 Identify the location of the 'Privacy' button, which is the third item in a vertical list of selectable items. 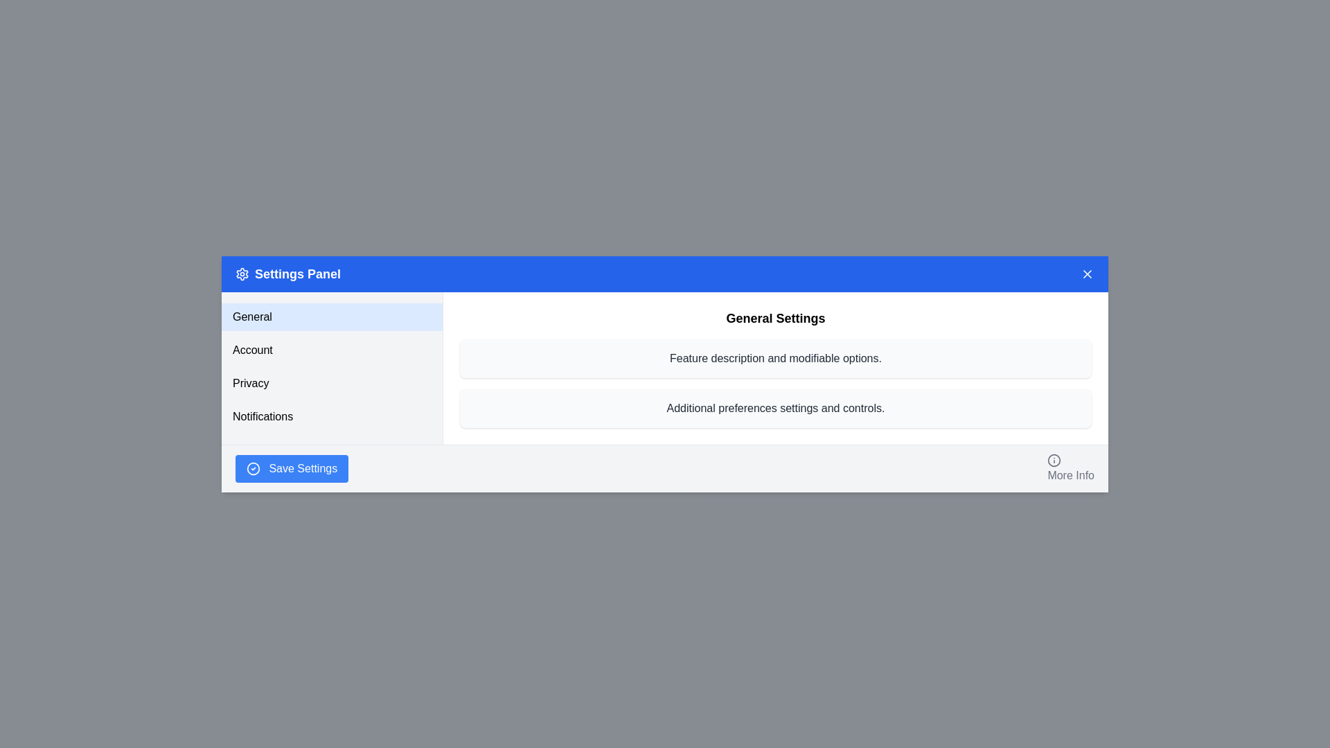
(331, 383).